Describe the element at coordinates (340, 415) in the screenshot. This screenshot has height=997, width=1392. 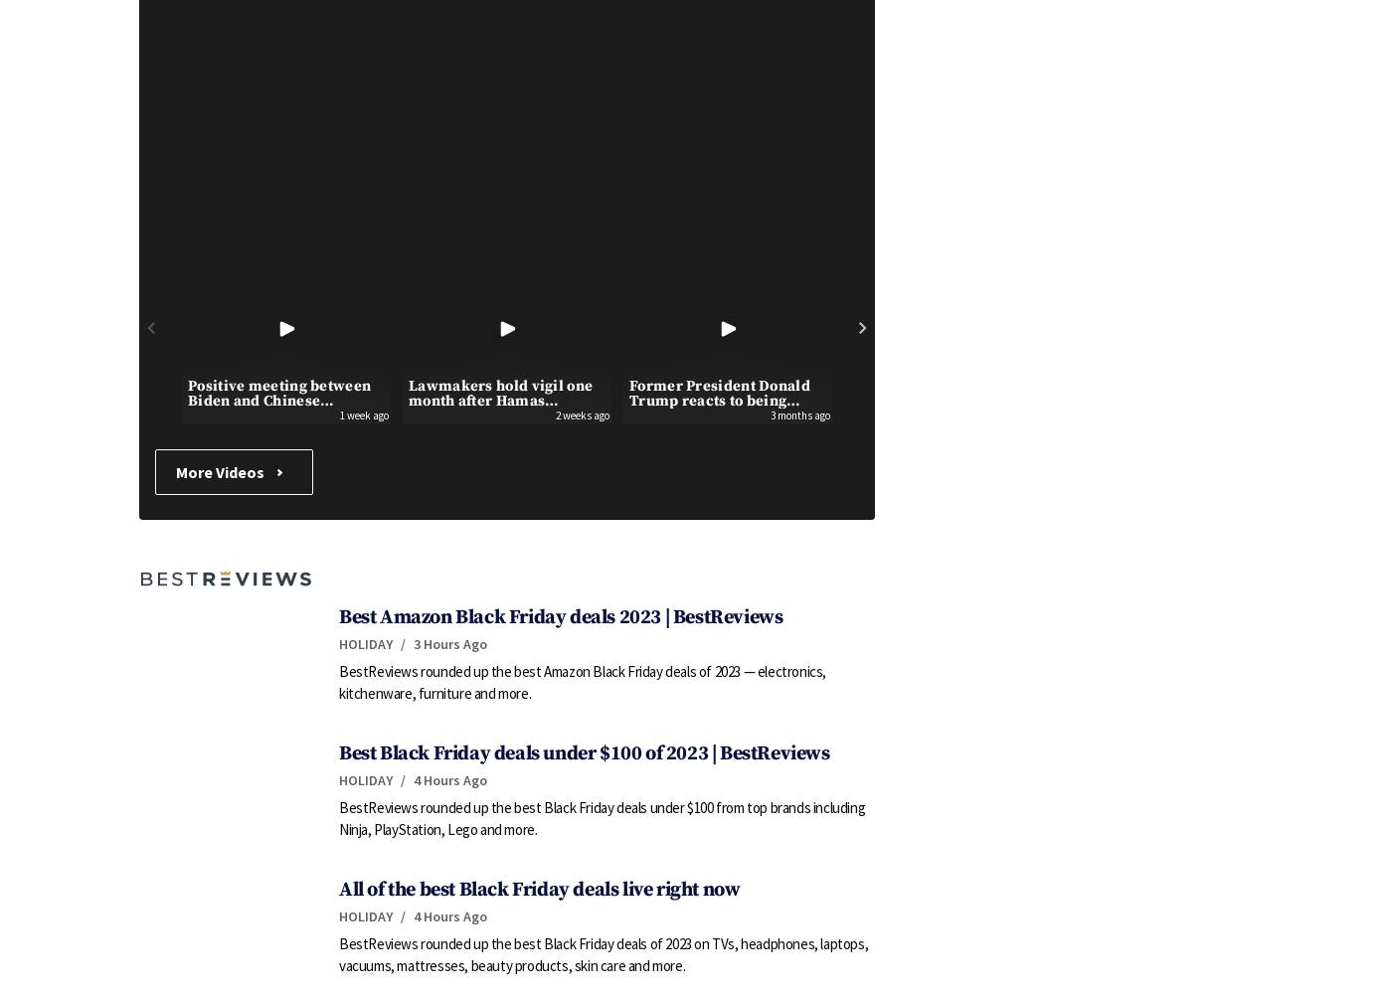
I see `'1 week ago'` at that location.